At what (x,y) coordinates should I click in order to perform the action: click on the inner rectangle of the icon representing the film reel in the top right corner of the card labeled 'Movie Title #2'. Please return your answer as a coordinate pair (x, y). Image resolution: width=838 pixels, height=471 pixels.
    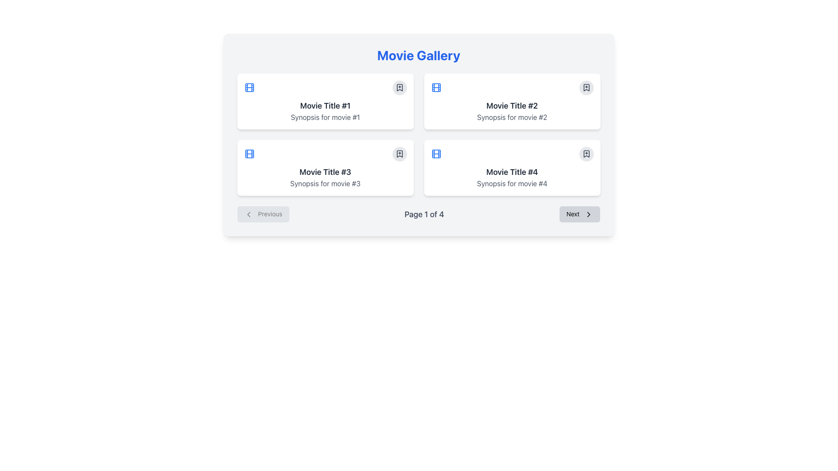
    Looking at the image, I should click on (436, 87).